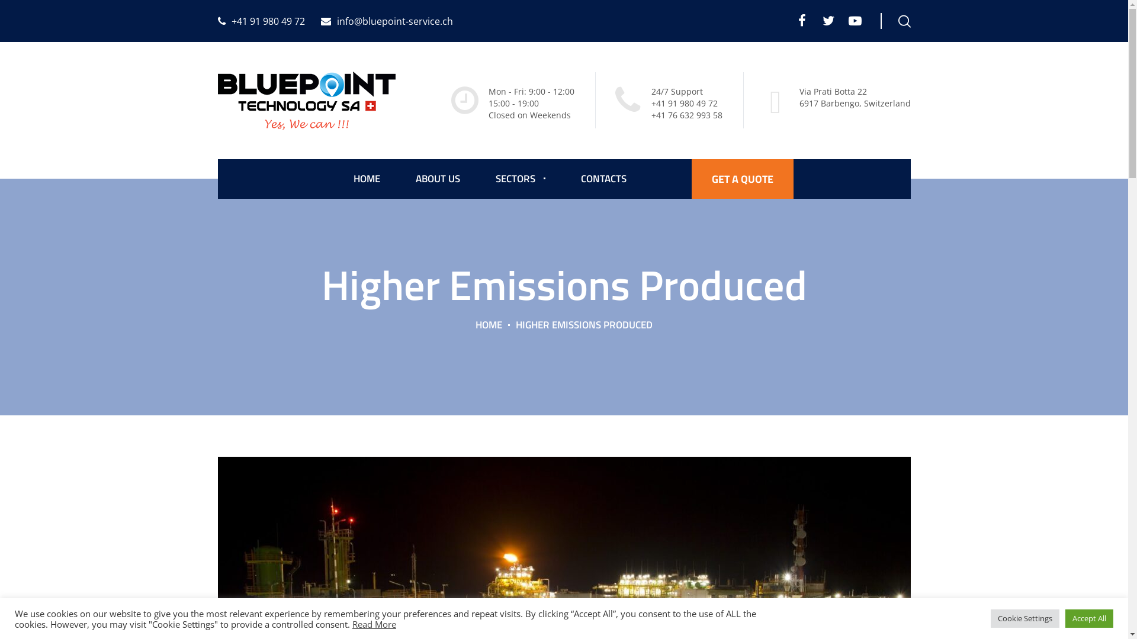  I want to click on 'Read More', so click(374, 622).